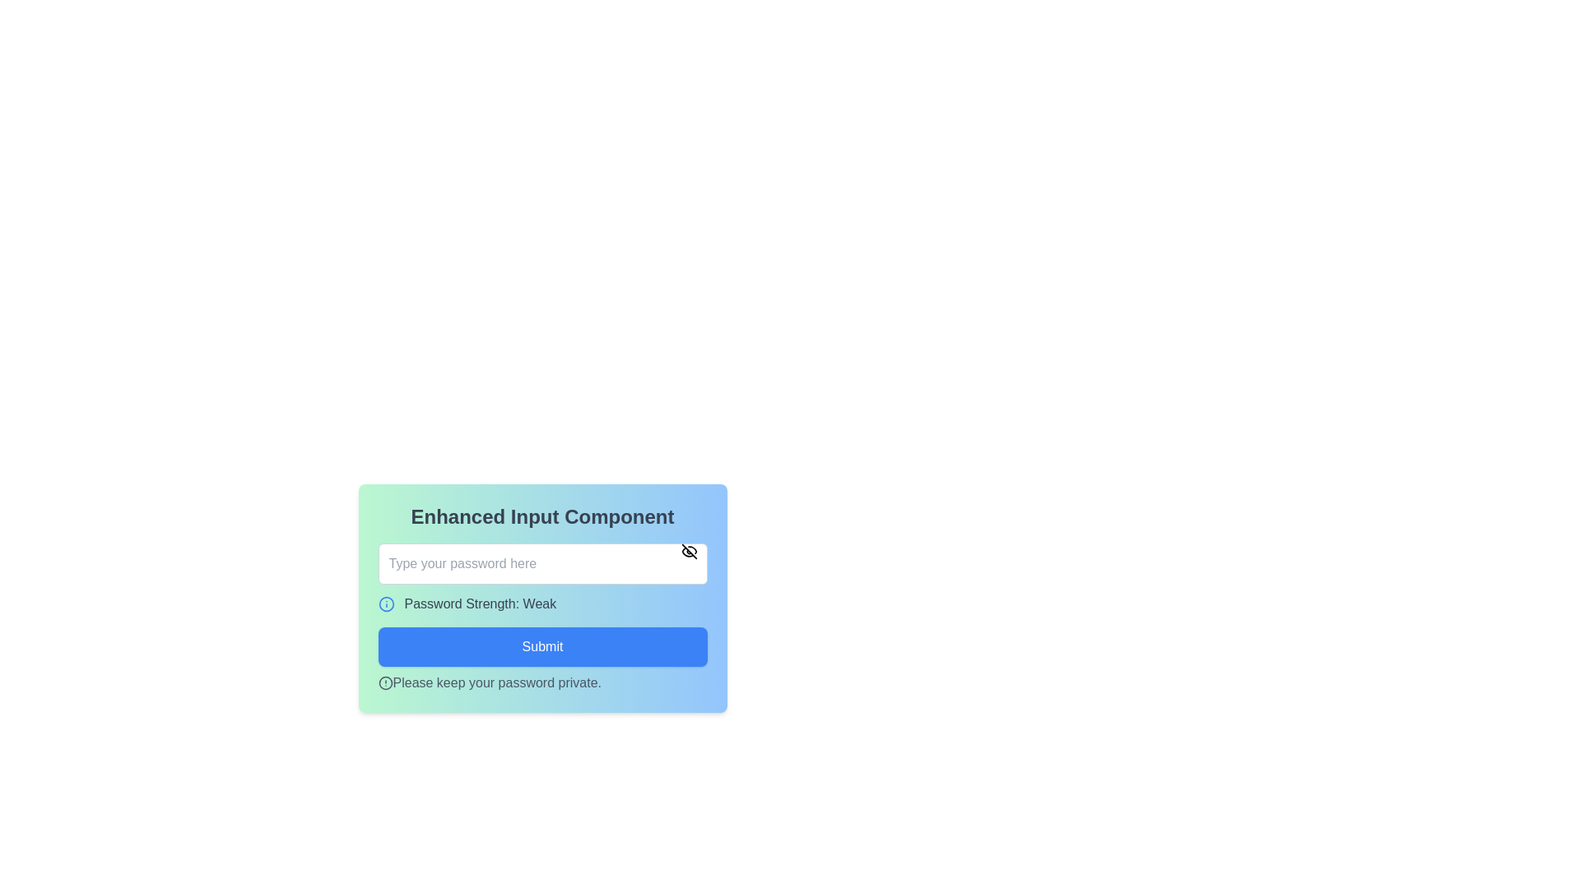 The width and height of the screenshot is (1580, 888). Describe the element at coordinates (385, 604) in the screenshot. I see `the light blue circular icon that is part of the information icon, located to the left of the 'Password Strength: Weak' text` at that location.